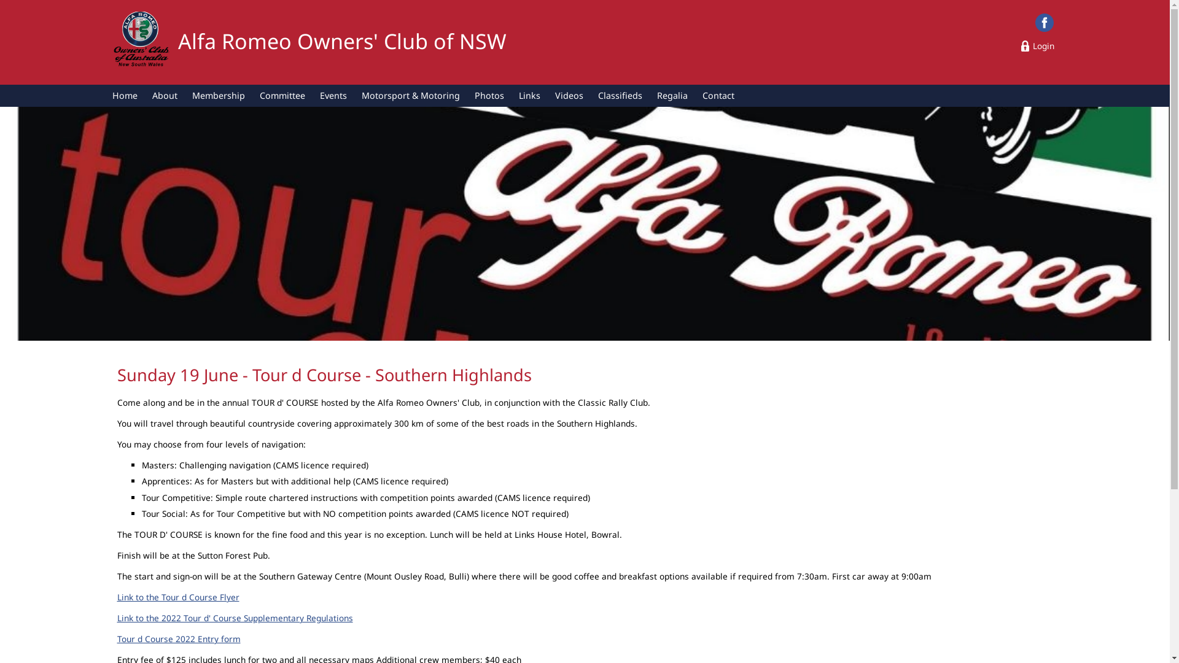  I want to click on 'Motorsport & Motoring', so click(410, 95).